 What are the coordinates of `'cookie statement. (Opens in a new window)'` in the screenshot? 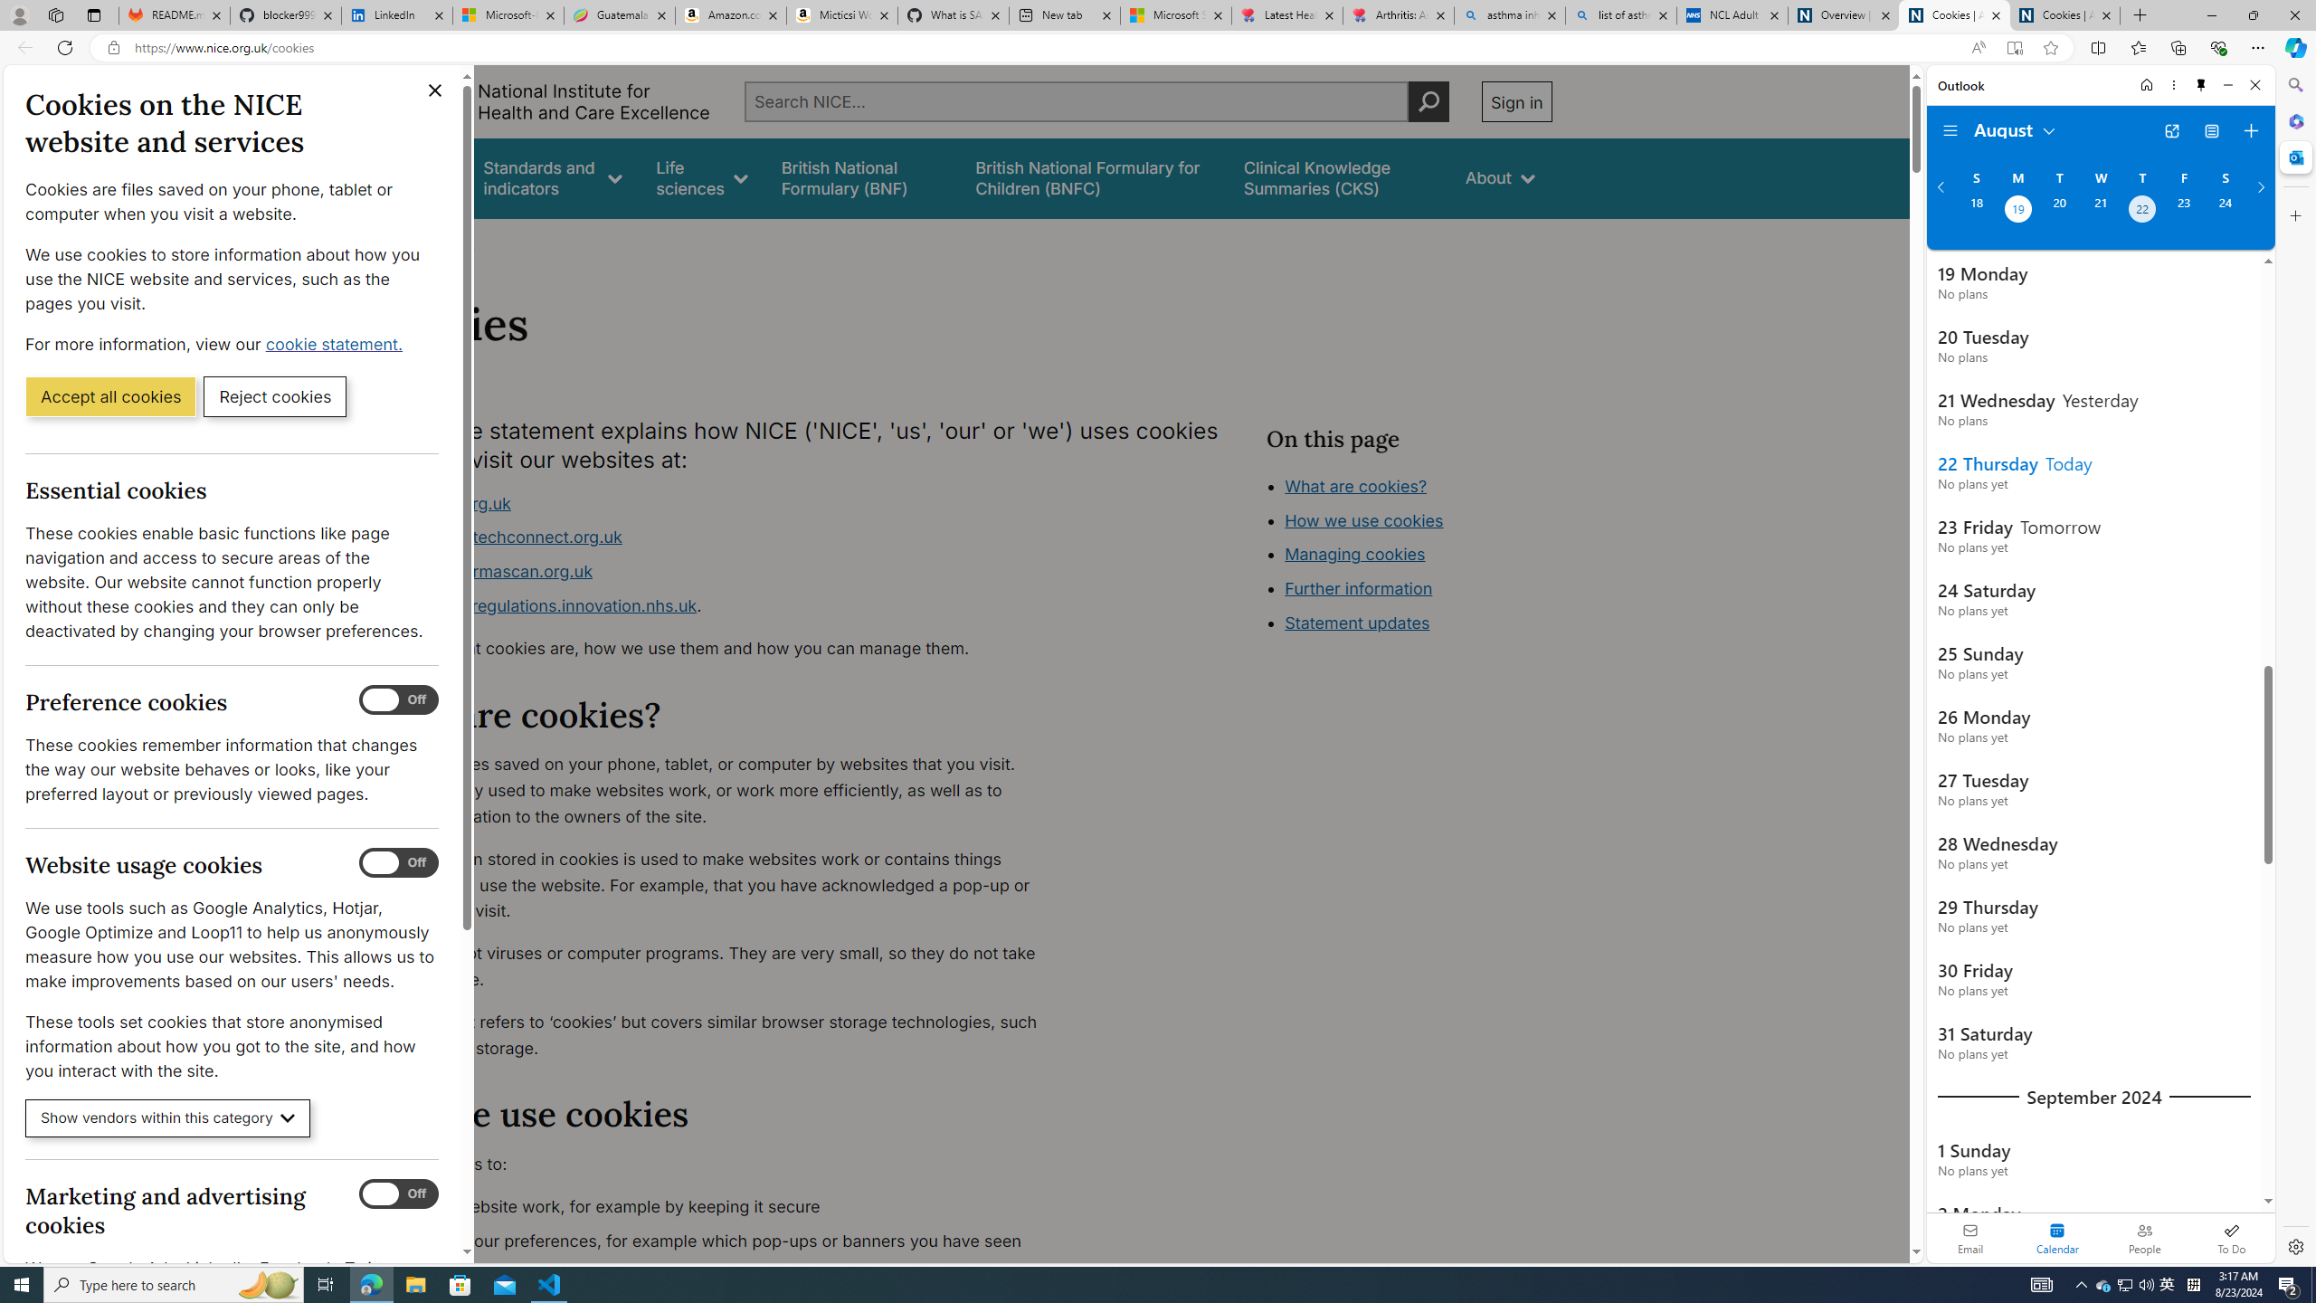 It's located at (336, 343).